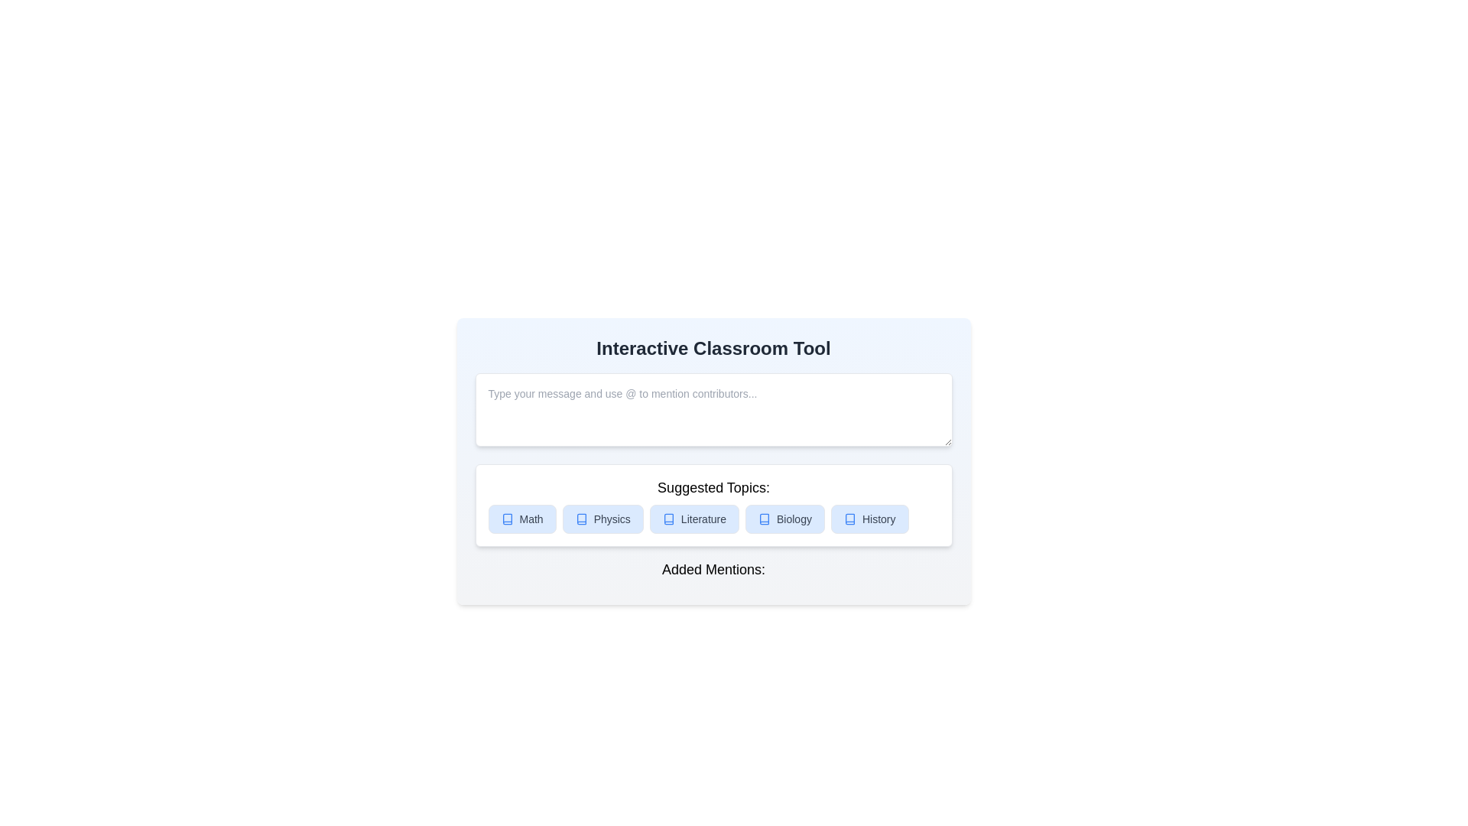 Image resolution: width=1468 pixels, height=826 pixels. Describe the element at coordinates (580, 518) in the screenshot. I see `the light blue book icon located in the second position under the heading 'Suggested Topics' for accessibility` at that location.